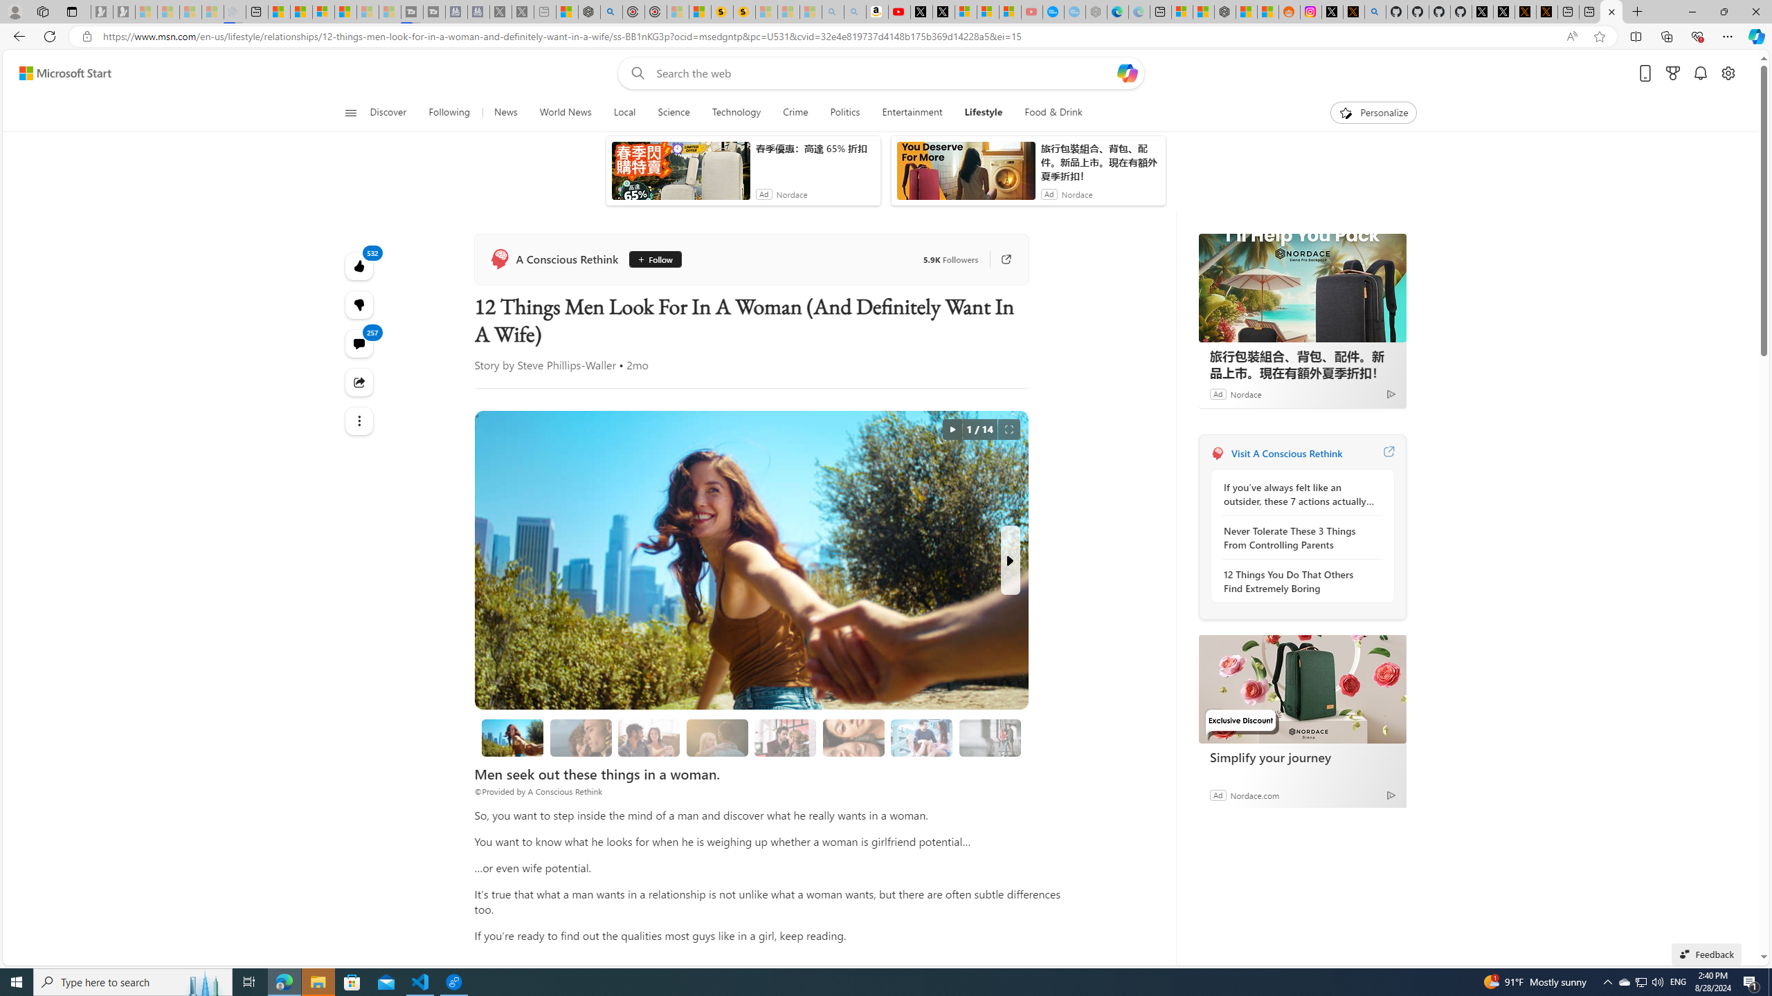 This screenshot has width=1772, height=996. What do you see at coordinates (1074, 11) in the screenshot?
I see `'Nordace - Nordace has arrived Hong Kong - Sleeping'` at bounding box center [1074, 11].